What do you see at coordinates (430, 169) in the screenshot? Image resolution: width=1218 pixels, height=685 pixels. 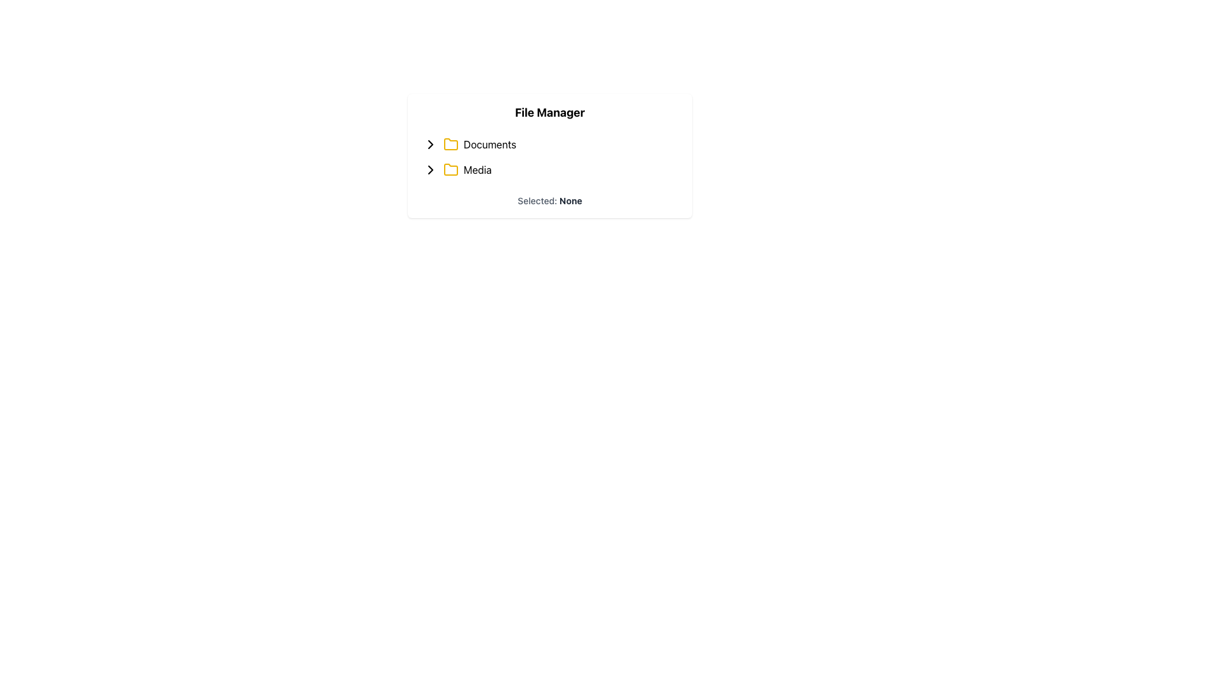 I see `the leftmost right-pointing chevron icon in the 'Media' row of the file manager` at bounding box center [430, 169].